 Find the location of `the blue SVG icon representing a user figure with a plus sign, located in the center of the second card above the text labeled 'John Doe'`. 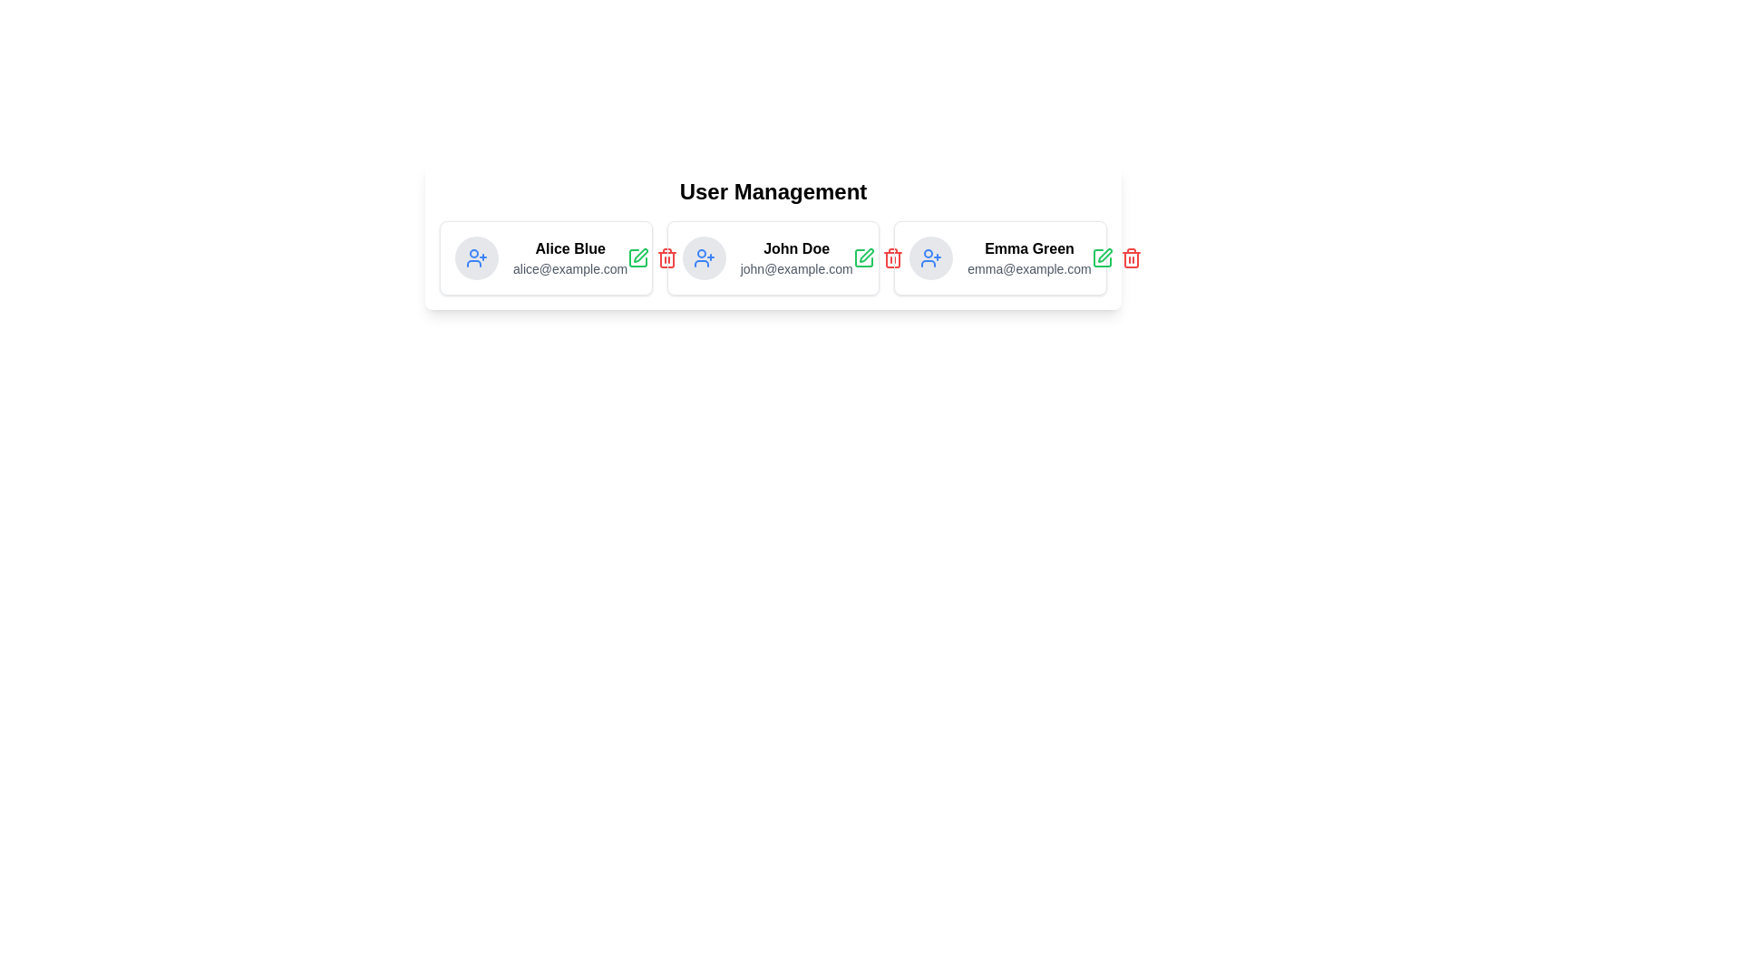

the blue SVG icon representing a user figure with a plus sign, located in the center of the second card above the text labeled 'John Doe' is located at coordinates (931, 258).